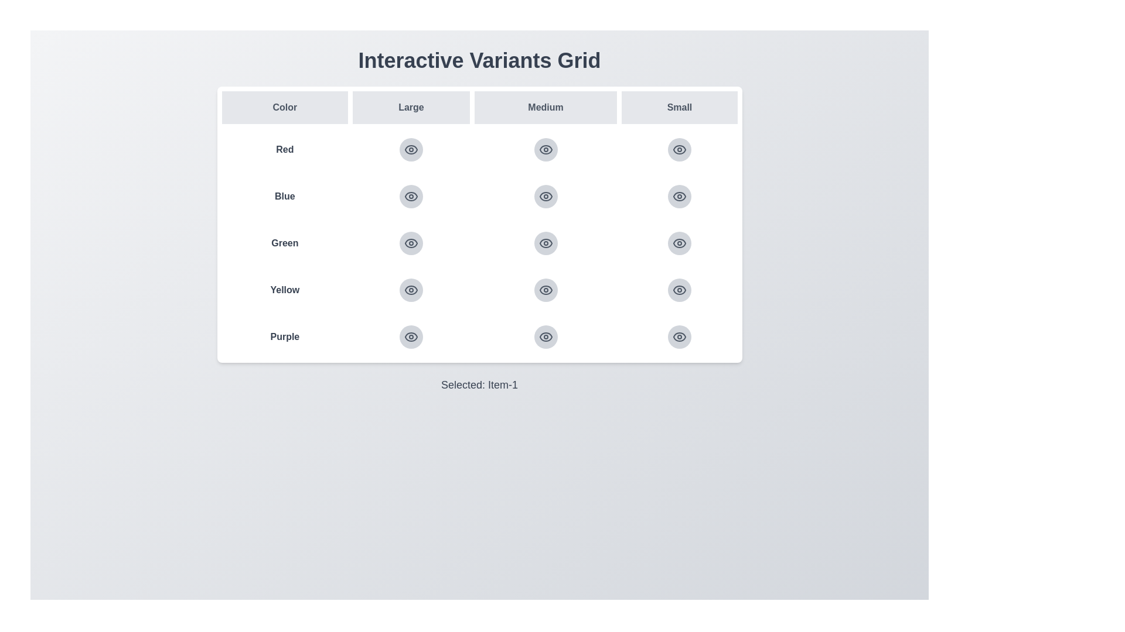 The image size is (1125, 632). I want to click on the eye icon located in the last row and third column of the grid component, which is enclosed within a circular background, so click(545, 336).